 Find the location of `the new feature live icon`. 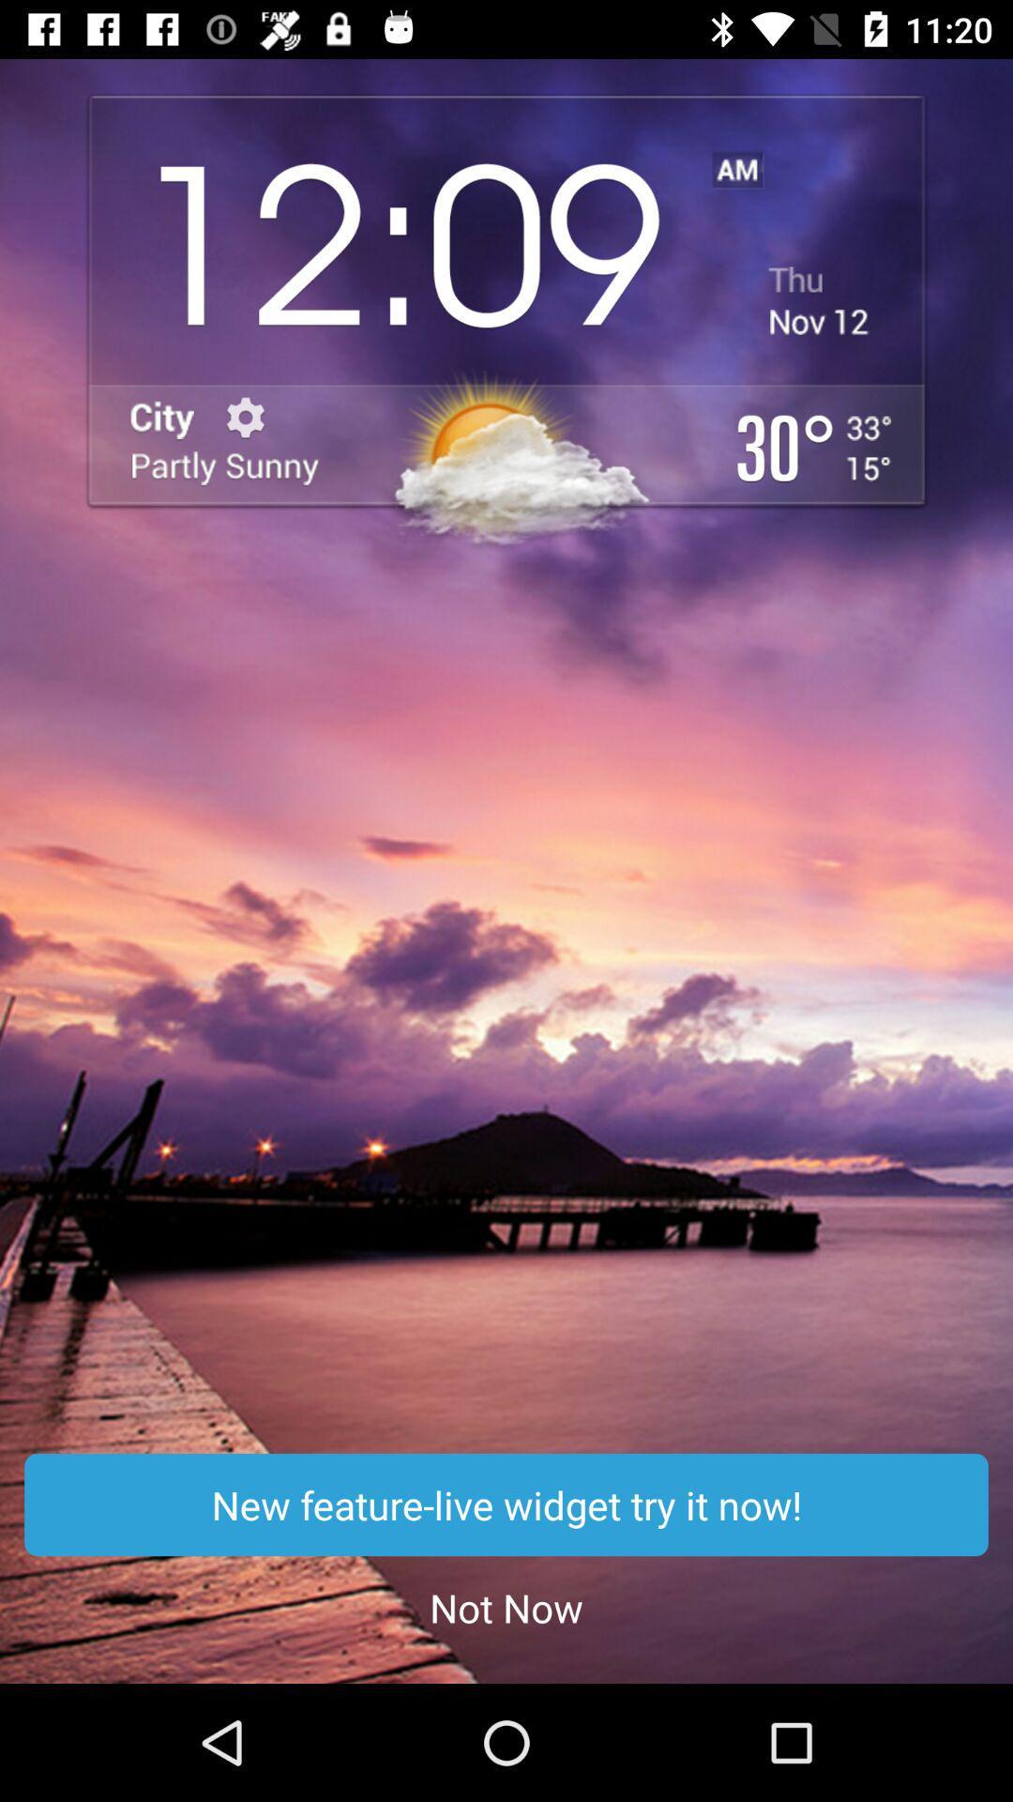

the new feature live icon is located at coordinates (506, 1504).